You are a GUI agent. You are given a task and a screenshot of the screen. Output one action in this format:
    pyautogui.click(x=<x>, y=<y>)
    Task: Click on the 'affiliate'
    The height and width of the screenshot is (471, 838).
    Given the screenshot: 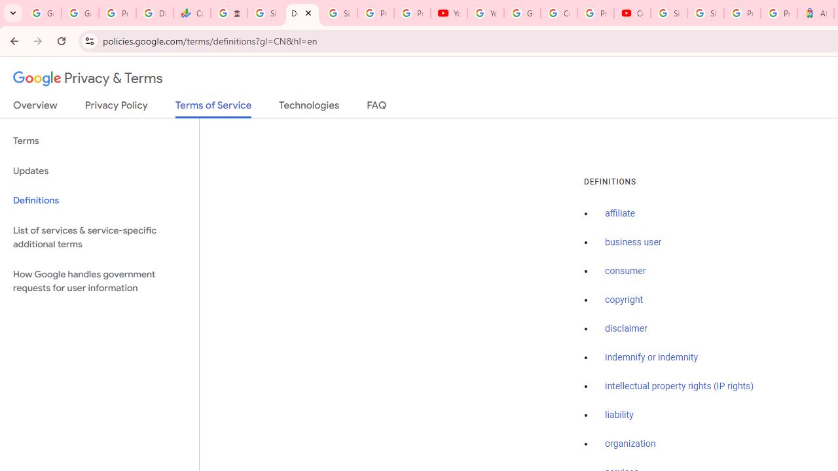 What is the action you would take?
    pyautogui.click(x=619, y=213)
    